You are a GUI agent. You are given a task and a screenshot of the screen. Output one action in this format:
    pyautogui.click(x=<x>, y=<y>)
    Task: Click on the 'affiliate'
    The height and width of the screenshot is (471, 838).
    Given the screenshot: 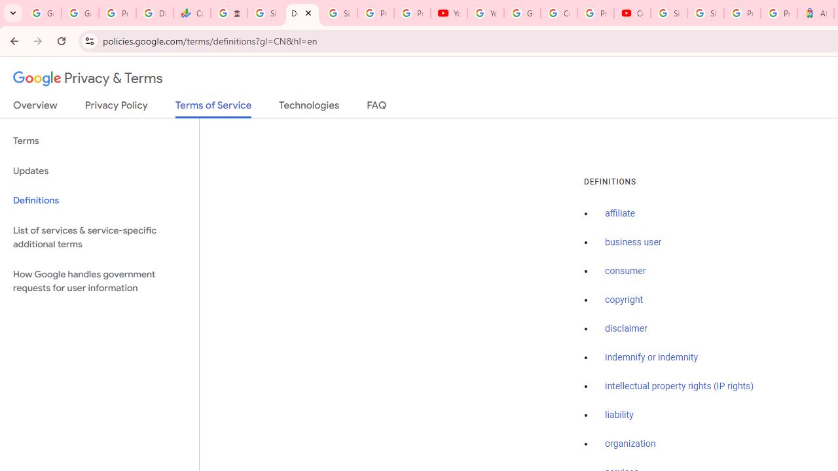 What is the action you would take?
    pyautogui.click(x=619, y=213)
    